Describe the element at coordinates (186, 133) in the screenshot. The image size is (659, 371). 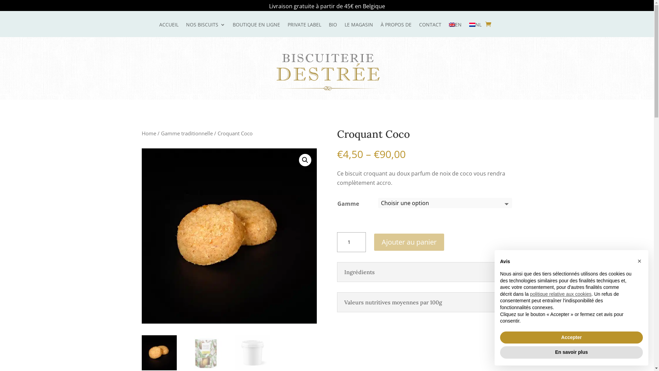
I see `'Gamme traditionnelle'` at that location.